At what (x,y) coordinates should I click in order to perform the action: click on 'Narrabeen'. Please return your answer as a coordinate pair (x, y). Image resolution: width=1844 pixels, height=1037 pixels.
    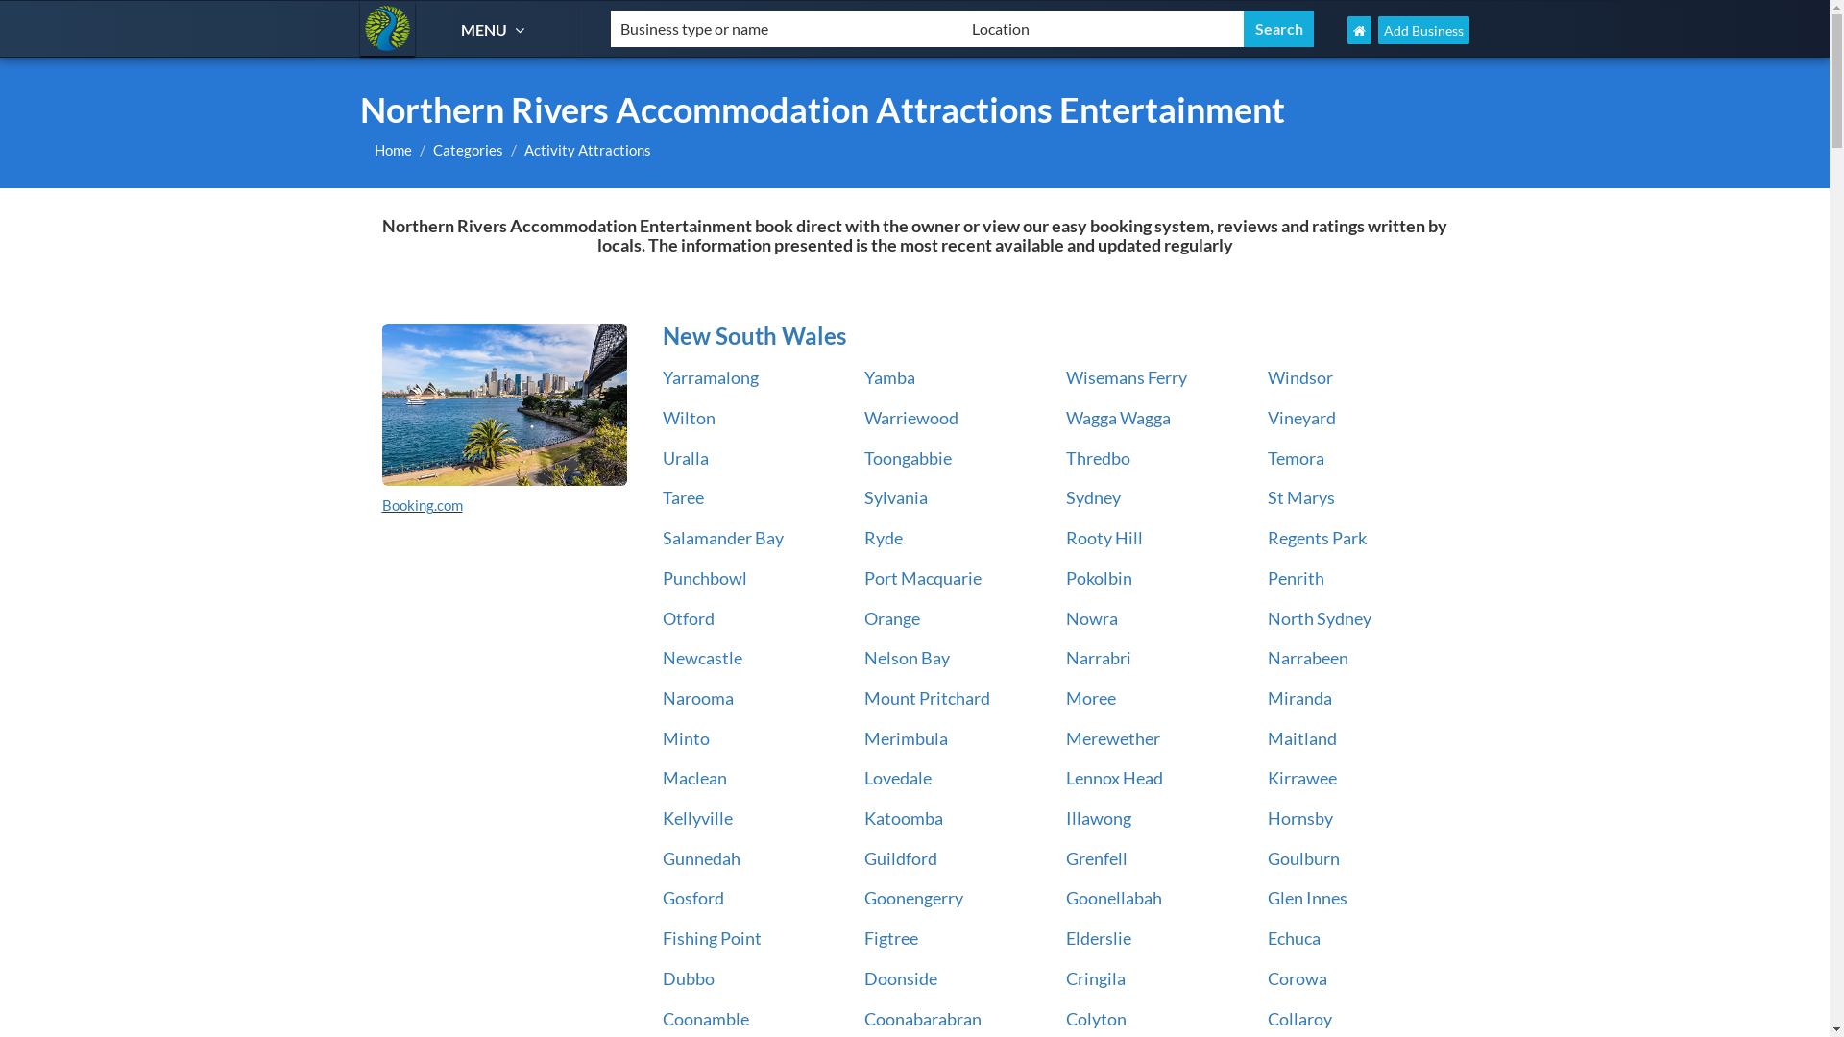
    Looking at the image, I should click on (1268, 657).